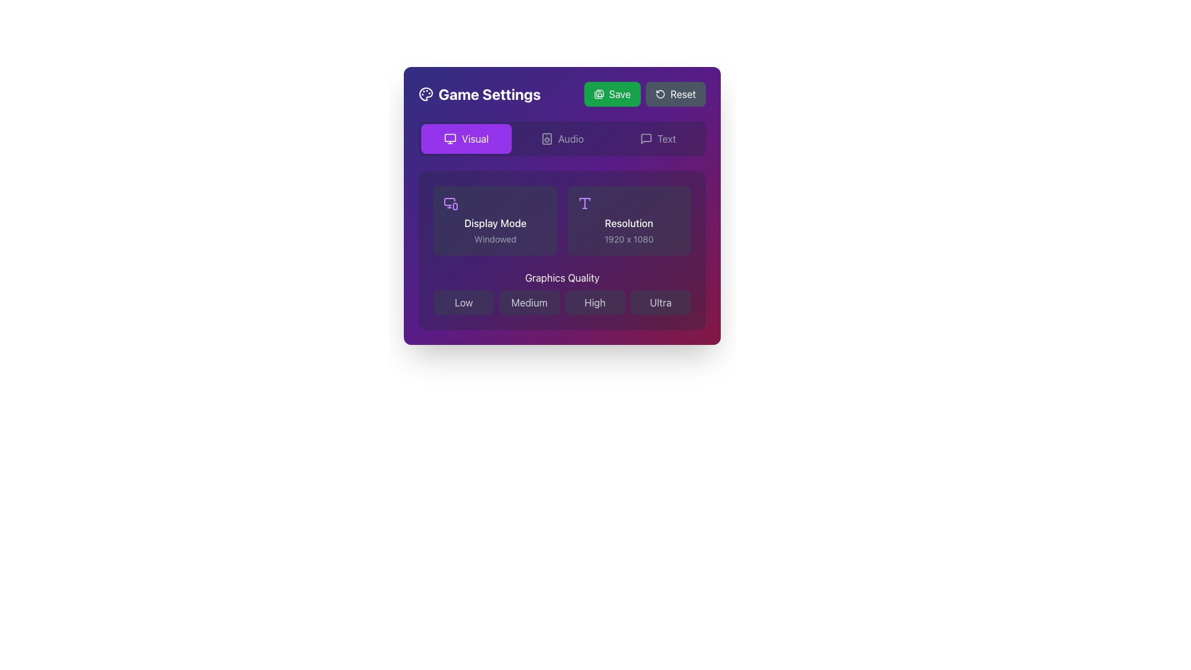  Describe the element at coordinates (494, 239) in the screenshot. I see `the 'Windowed' text label, which is displayed in gray color and situated below the 'Display Mode' text in the visual settings interface` at that location.